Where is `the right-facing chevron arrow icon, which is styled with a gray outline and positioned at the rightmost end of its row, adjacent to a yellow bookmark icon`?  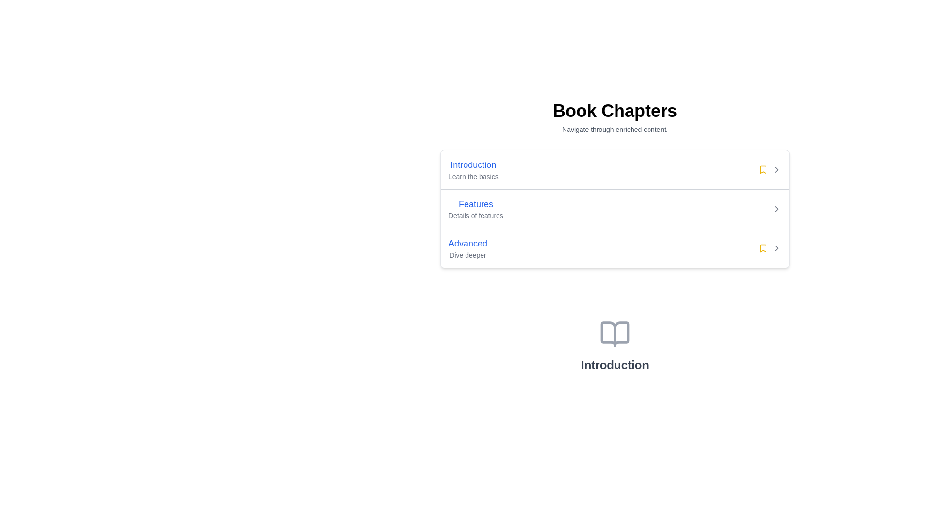 the right-facing chevron arrow icon, which is styled with a gray outline and positioned at the rightmost end of its row, adjacent to a yellow bookmark icon is located at coordinates (776, 169).